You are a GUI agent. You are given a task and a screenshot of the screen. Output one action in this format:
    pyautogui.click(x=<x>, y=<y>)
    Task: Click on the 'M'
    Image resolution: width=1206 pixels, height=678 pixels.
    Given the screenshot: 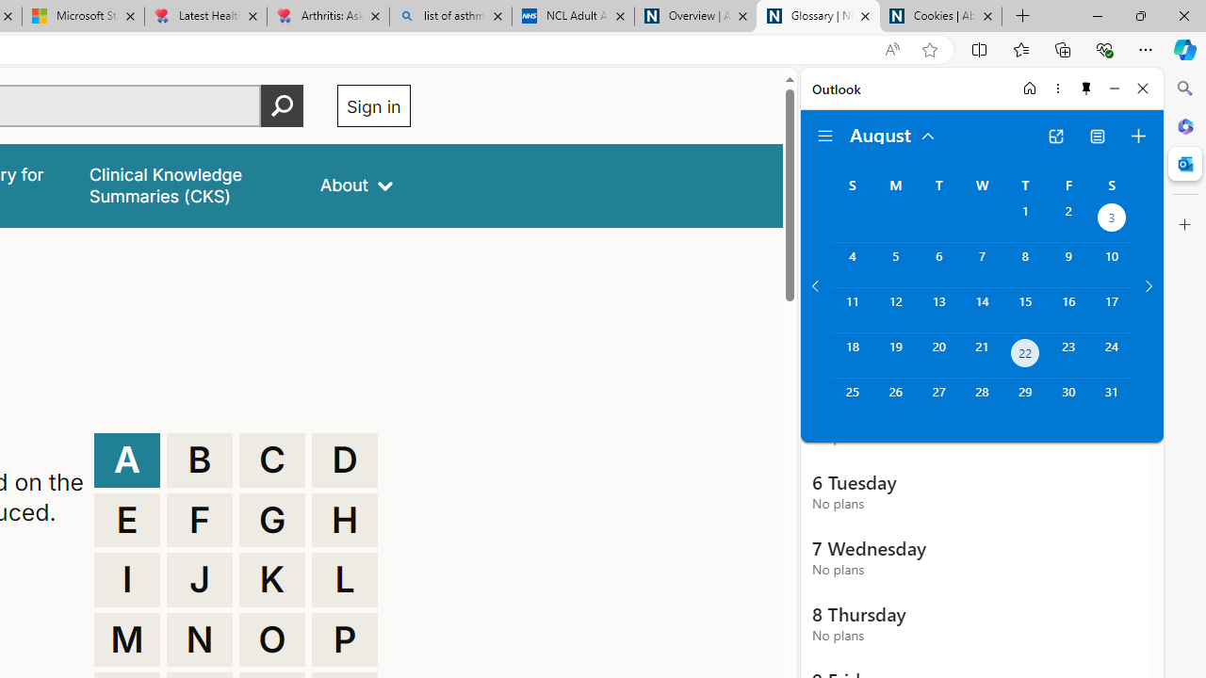 What is the action you would take?
    pyautogui.click(x=126, y=638)
    